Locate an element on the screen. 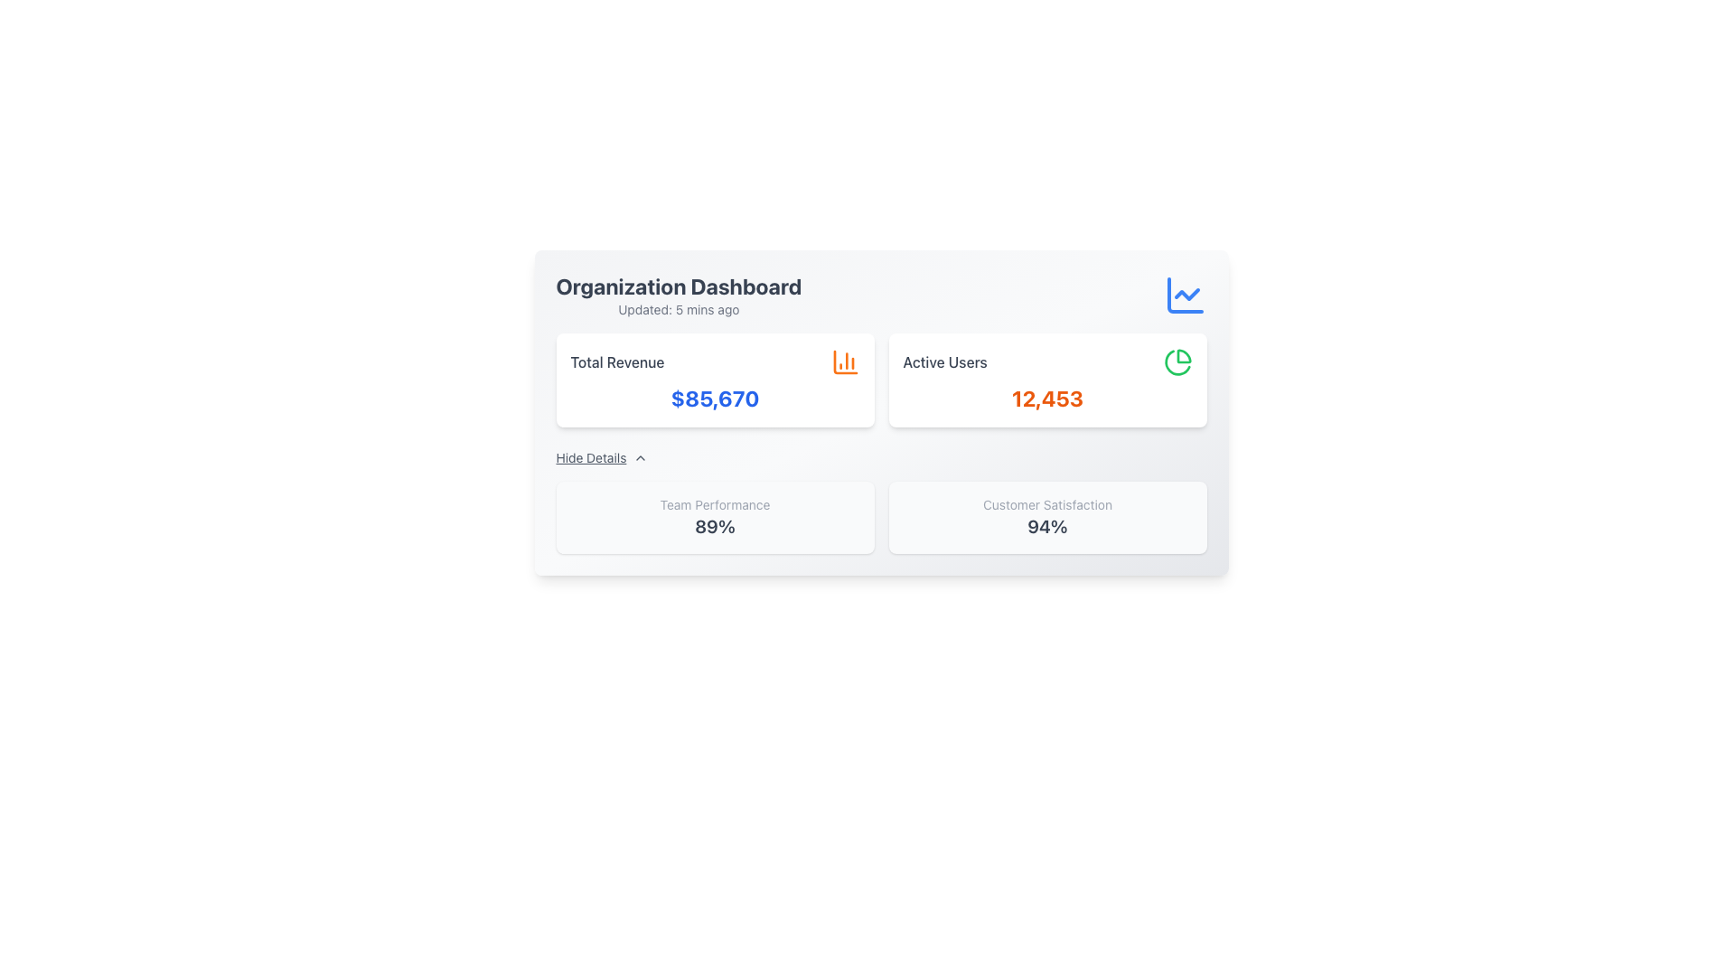 The image size is (1735, 976). the small, stylized blue chart line icon with a zigzag pattern, located in the top-right corner of the dashboard interface is located at coordinates (1186, 294).